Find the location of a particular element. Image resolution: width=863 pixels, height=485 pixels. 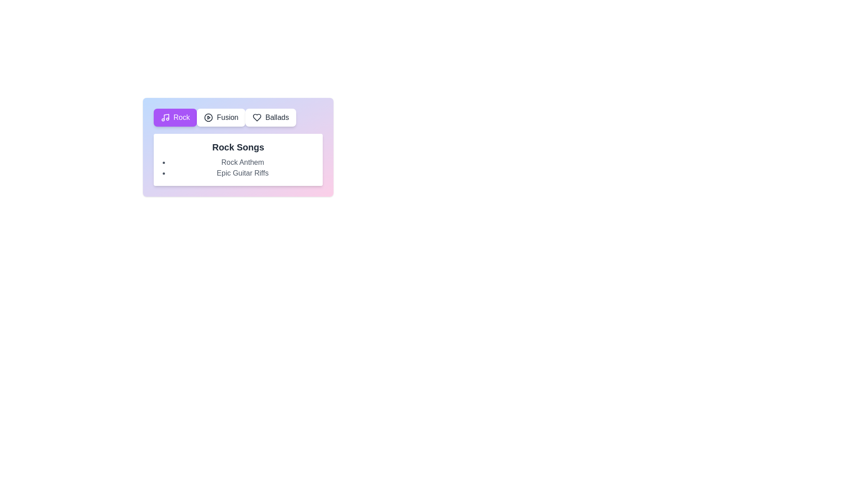

the genre tab labeled Ballads to view its songs is located at coordinates (270, 117).